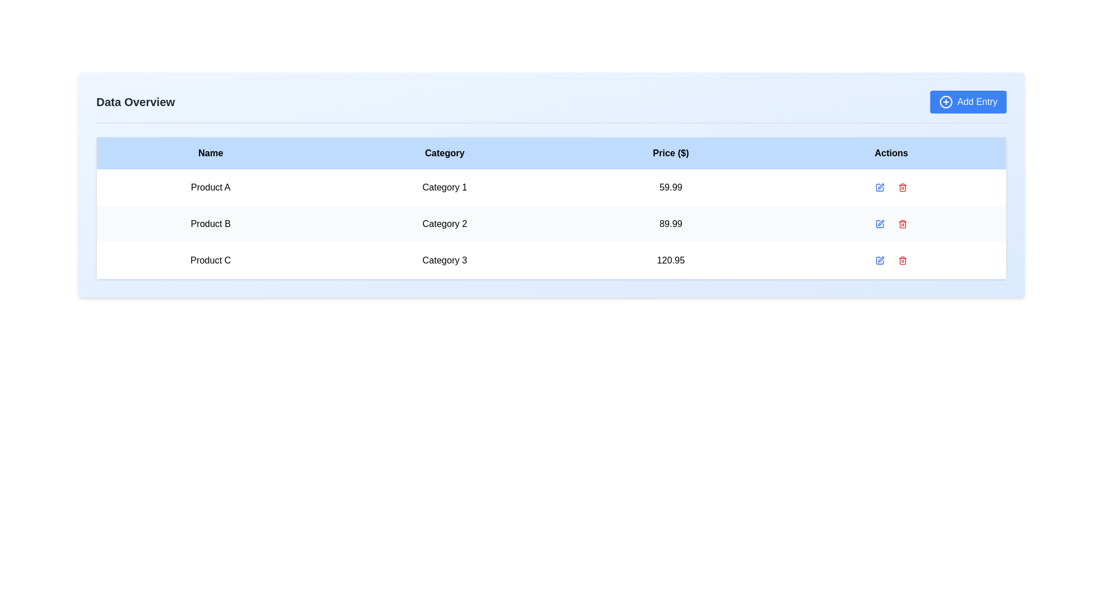  I want to click on the SVG graphical element (Circle) that serves as decorative design and visual feedback within the 'Add Entry' button, located in the top-right corner of the table interface, so click(946, 101).